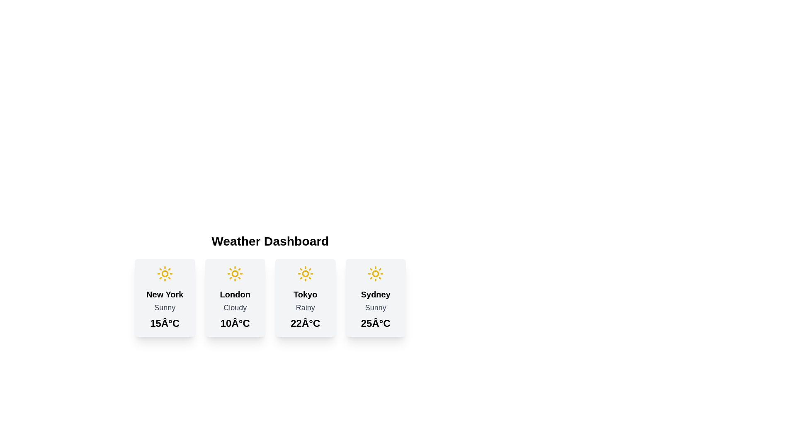 This screenshot has width=796, height=448. I want to click on the prominently styled text label displaying 'Sydney' in black, located in the rightmost weather information card above the text 'Sunny', so click(375, 294).